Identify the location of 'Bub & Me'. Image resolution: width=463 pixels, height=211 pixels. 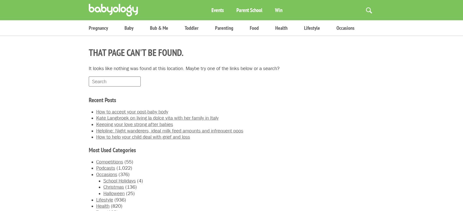
(159, 27).